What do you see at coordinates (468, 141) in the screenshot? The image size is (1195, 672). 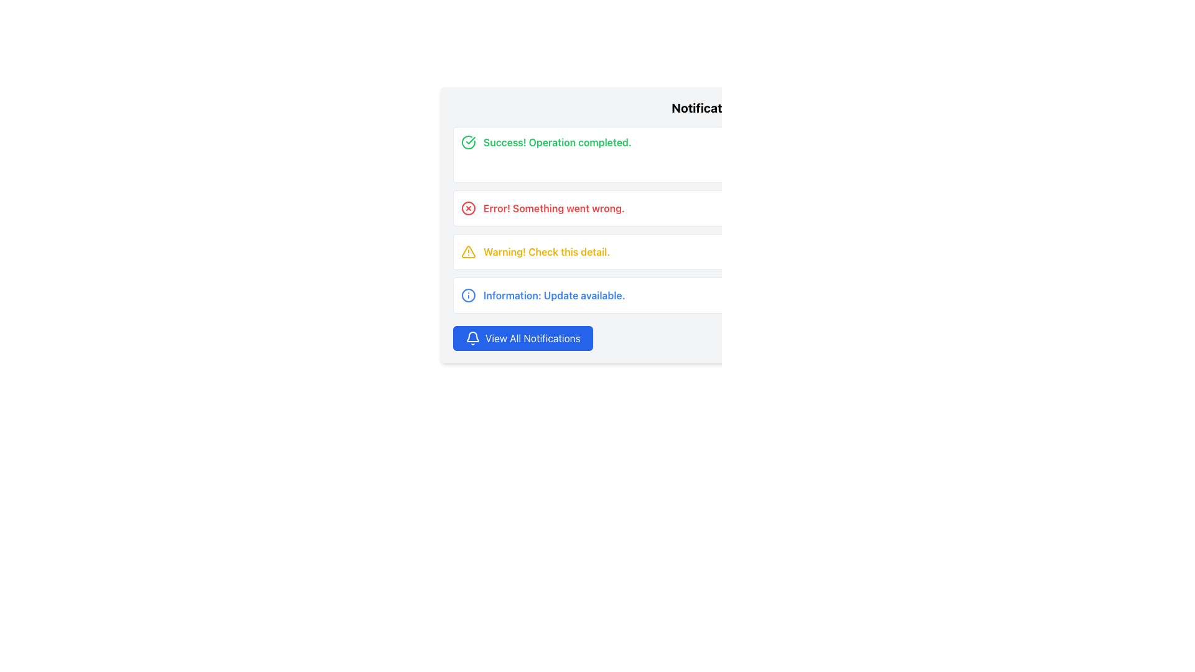 I see `the green circular icon with a checkmark, indicating success, located to the left of the text 'Success! Operation completed.'` at bounding box center [468, 141].